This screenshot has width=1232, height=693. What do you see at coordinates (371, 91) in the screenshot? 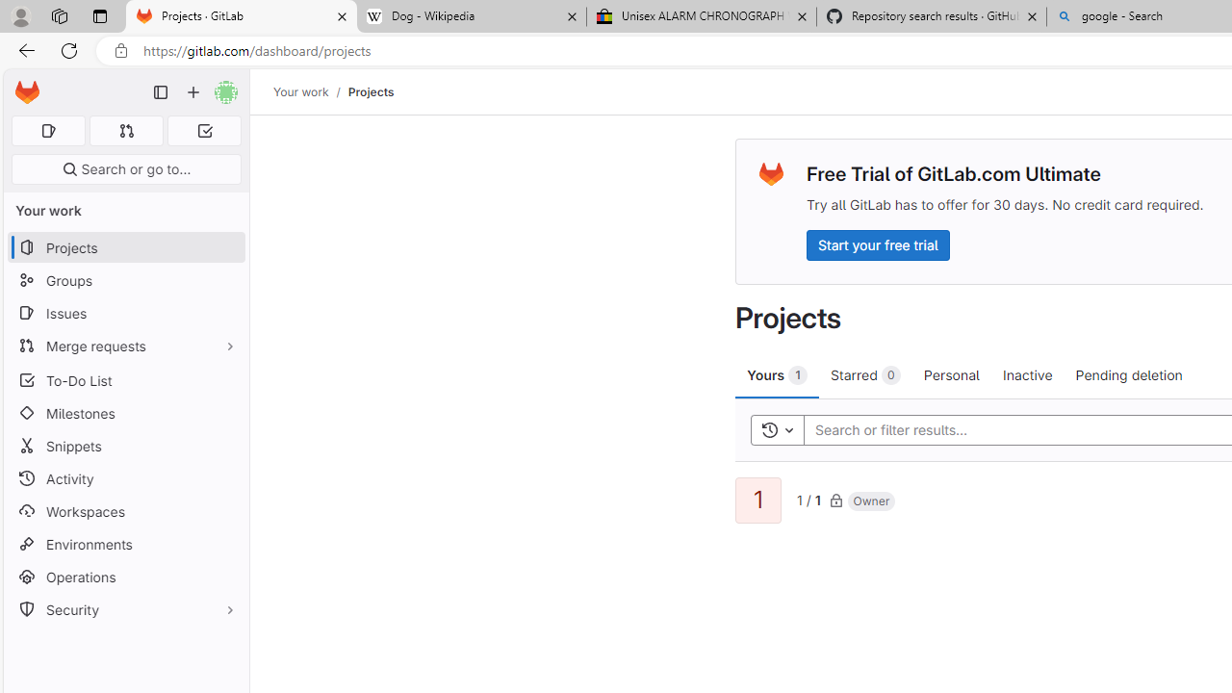
I see `'Projects'` at bounding box center [371, 91].